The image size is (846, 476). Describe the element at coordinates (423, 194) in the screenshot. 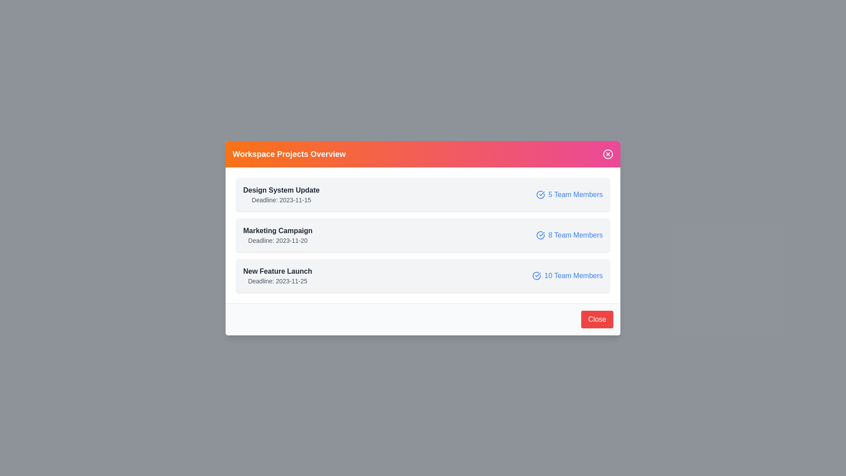

I see `the project 'Design System Update' to inspect its details` at that location.